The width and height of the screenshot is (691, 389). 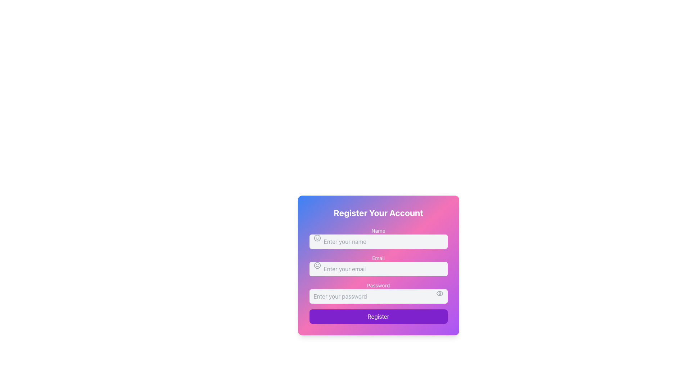 I want to click on the decorative circle within the SVG icon of a smiley face, which is located to the left of the Email input field, so click(x=317, y=265).